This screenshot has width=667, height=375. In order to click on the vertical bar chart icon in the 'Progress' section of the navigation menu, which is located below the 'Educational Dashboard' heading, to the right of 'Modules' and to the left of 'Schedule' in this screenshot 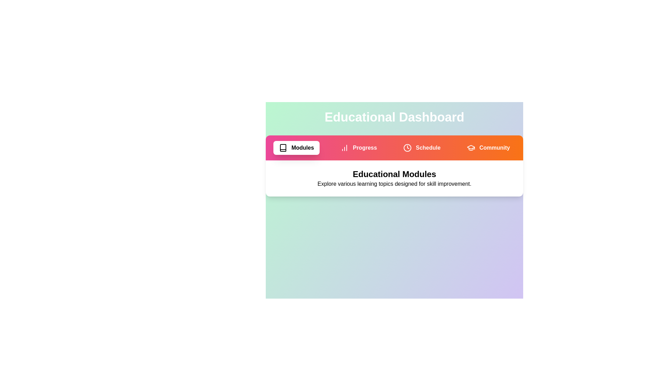, I will do `click(344, 147)`.